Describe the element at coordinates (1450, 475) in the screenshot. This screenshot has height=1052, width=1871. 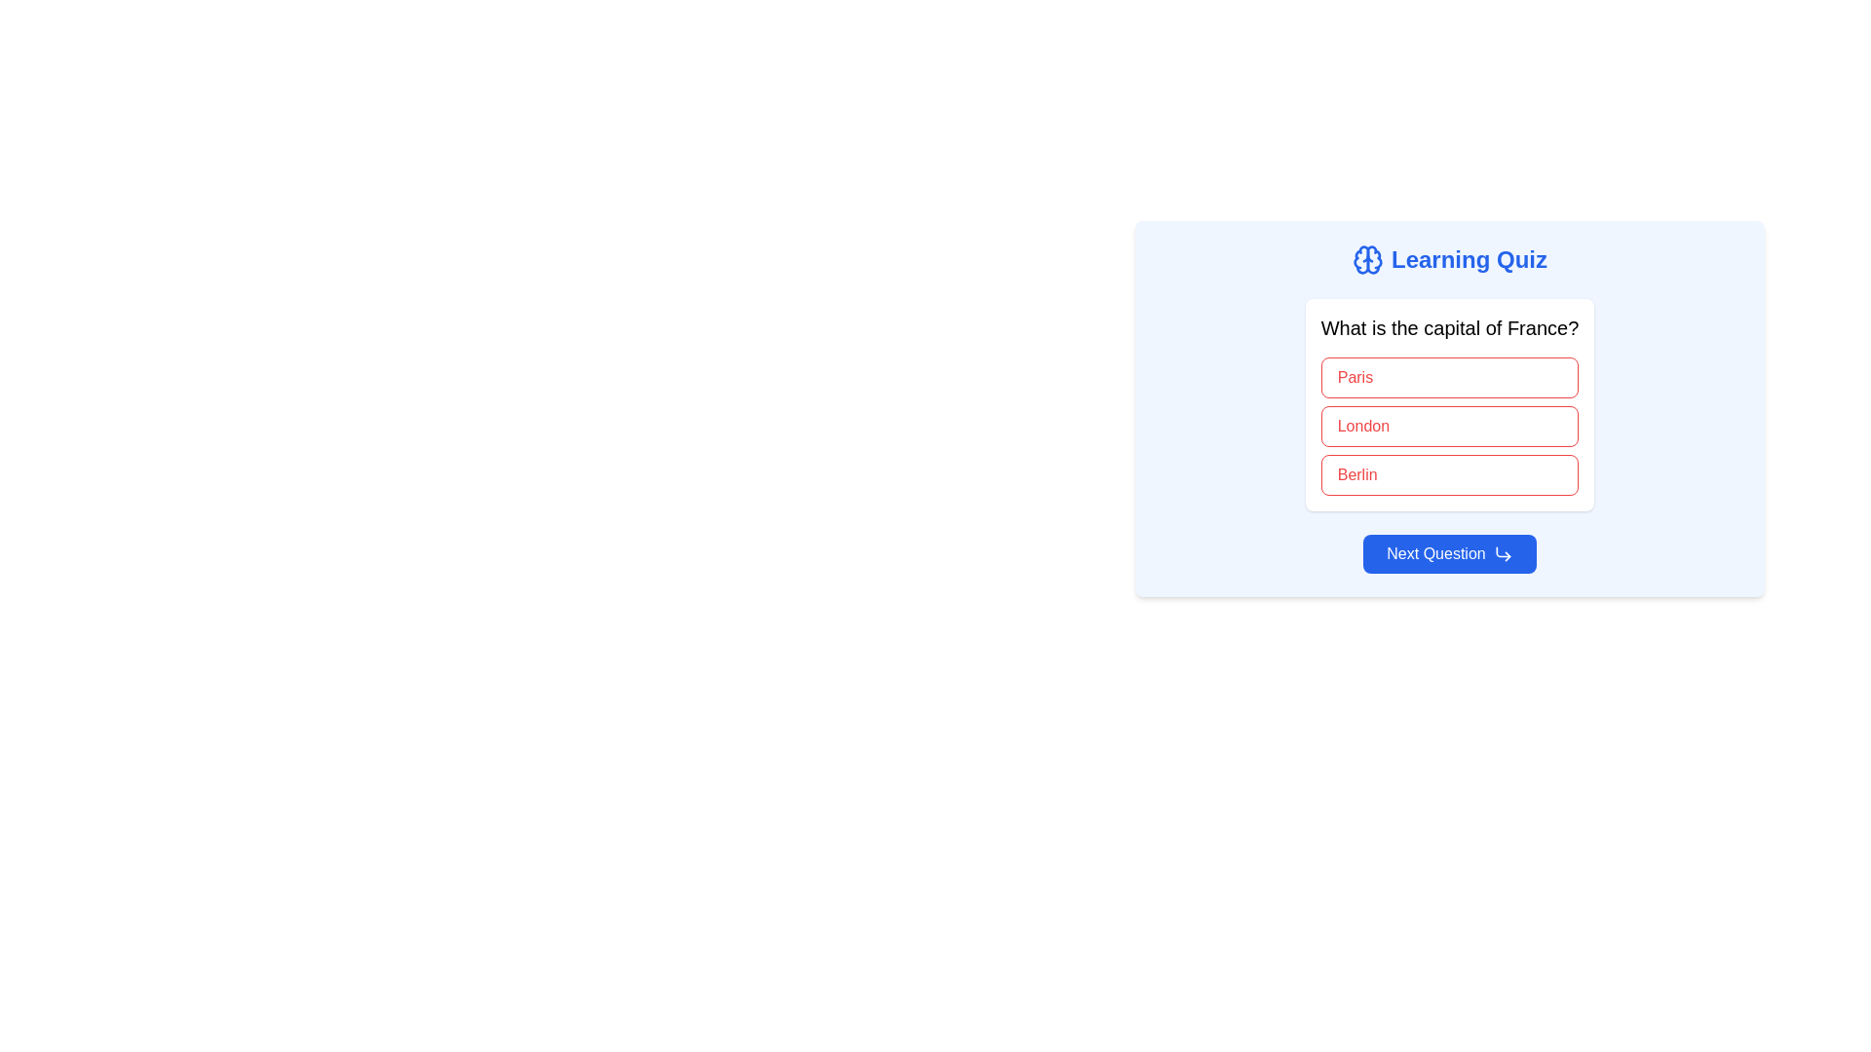
I see `the button labeled 'Berlin' with a red border and red text, positioned as the third option under the question 'What is the capital of France?'` at that location.